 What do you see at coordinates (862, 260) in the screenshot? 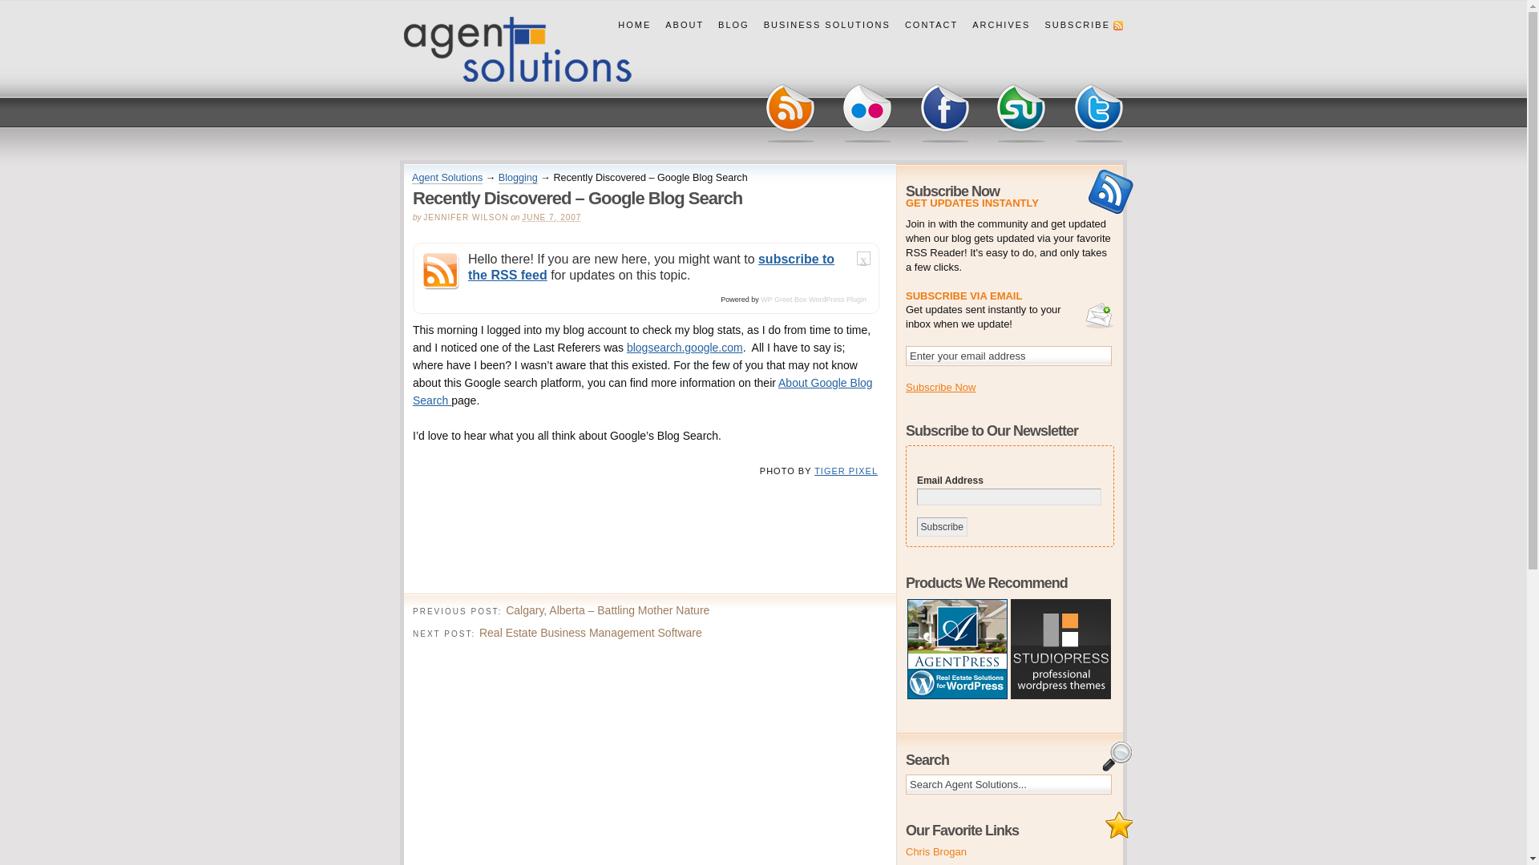
I see `'X'` at bounding box center [862, 260].